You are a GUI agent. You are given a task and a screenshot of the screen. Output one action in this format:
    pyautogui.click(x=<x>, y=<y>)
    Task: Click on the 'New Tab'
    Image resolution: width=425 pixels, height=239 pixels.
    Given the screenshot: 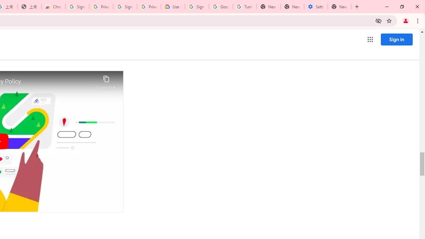 What is the action you would take?
    pyautogui.click(x=339, y=7)
    